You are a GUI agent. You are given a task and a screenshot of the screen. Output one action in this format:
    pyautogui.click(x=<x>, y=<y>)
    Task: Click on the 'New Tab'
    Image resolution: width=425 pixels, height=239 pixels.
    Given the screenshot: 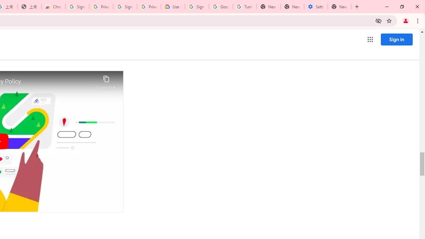 What is the action you would take?
    pyautogui.click(x=339, y=7)
    